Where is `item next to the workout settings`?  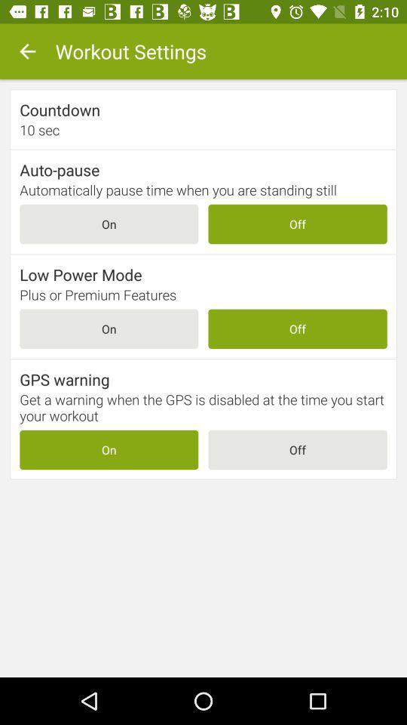
item next to the workout settings is located at coordinates (27, 51).